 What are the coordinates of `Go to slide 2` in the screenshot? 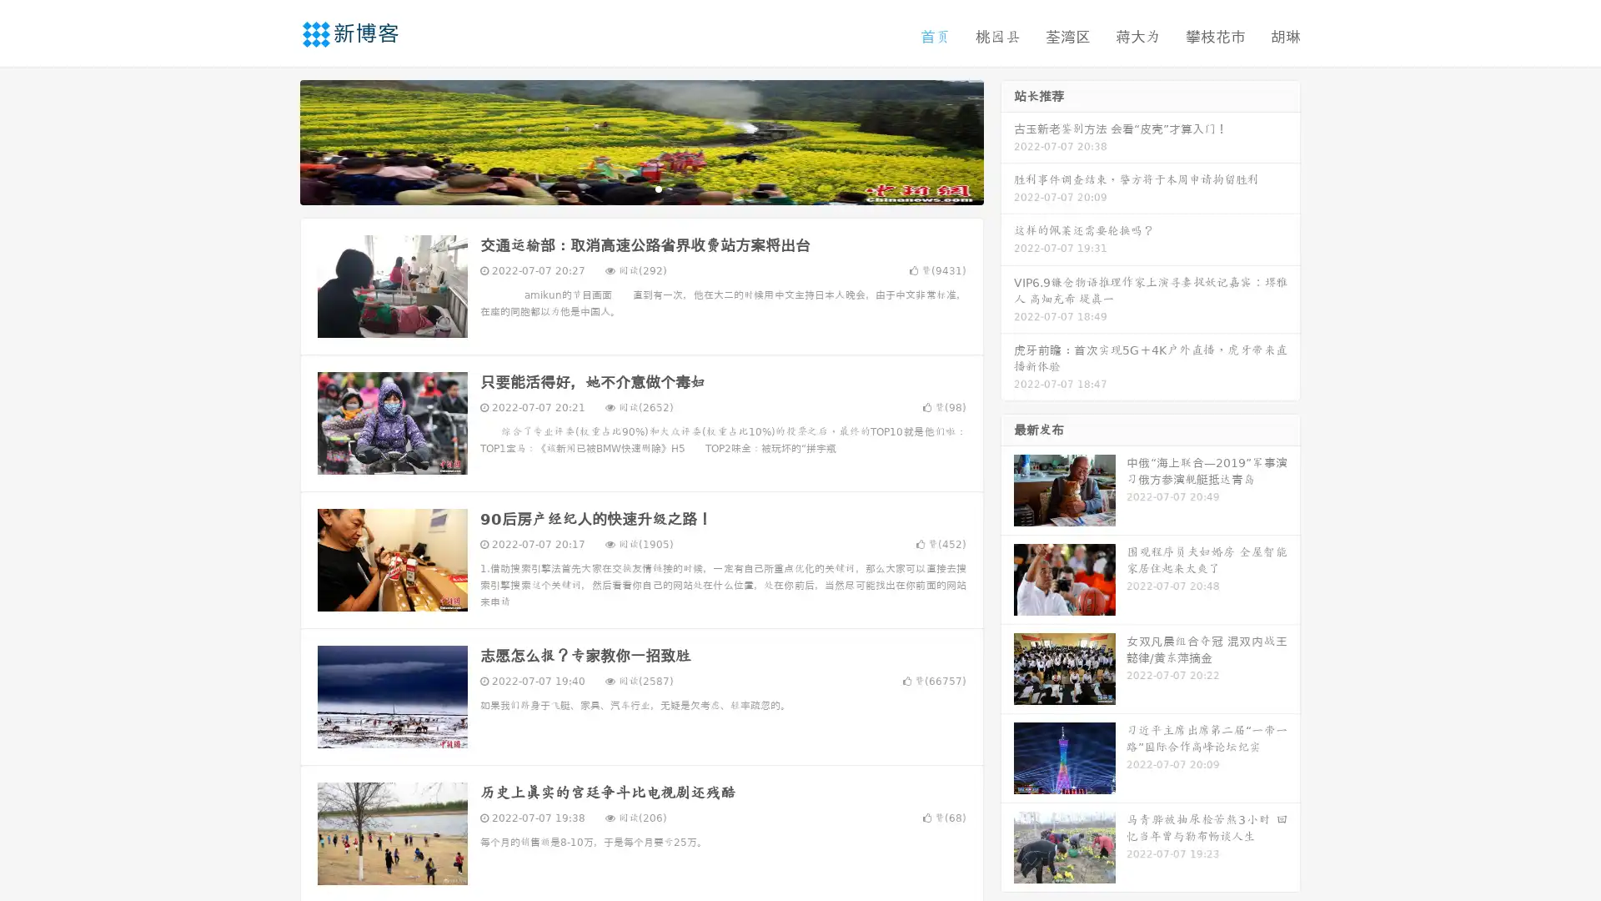 It's located at (640, 188).